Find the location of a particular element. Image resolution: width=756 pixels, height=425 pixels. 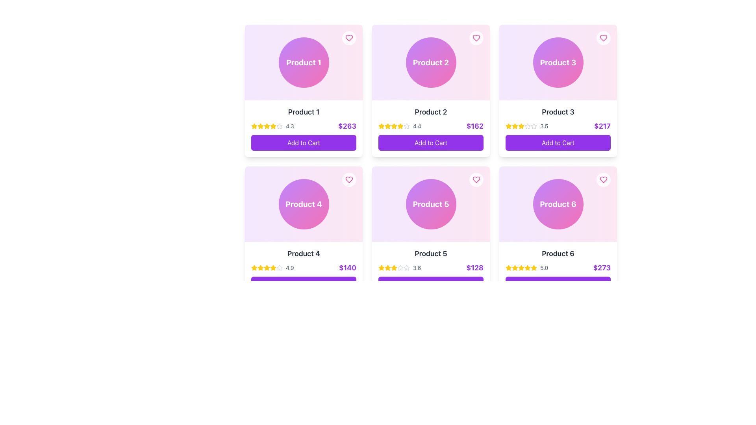

the Text element displaying the average rating of 'Product 3', located next to the rightmost star icon in the rating section of the third product card in the first row of the product grid is located at coordinates (544, 126).